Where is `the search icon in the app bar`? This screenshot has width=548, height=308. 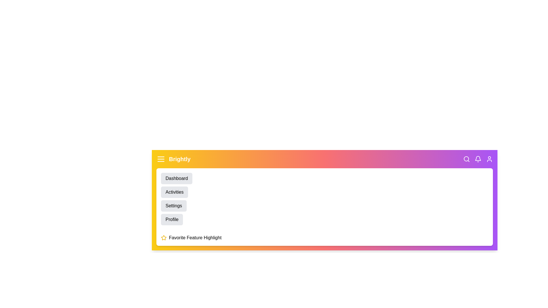 the search icon in the app bar is located at coordinates (467, 159).